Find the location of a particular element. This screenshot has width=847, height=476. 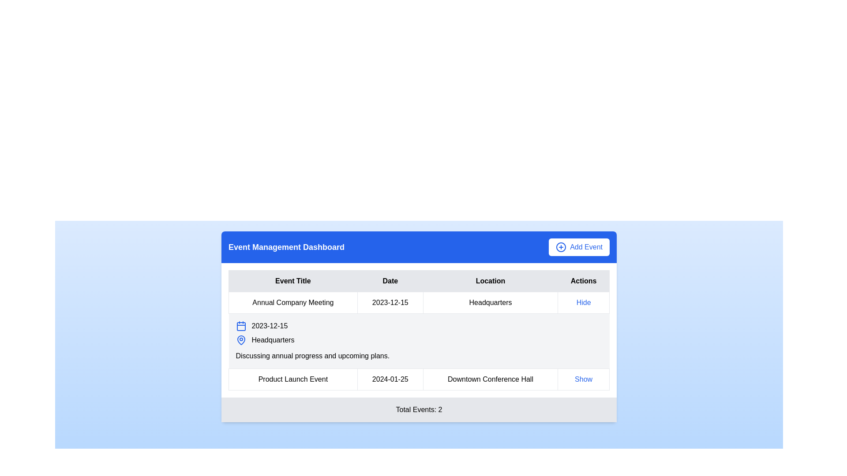

the graphical icon indicating the action is located at coordinates (561, 247).